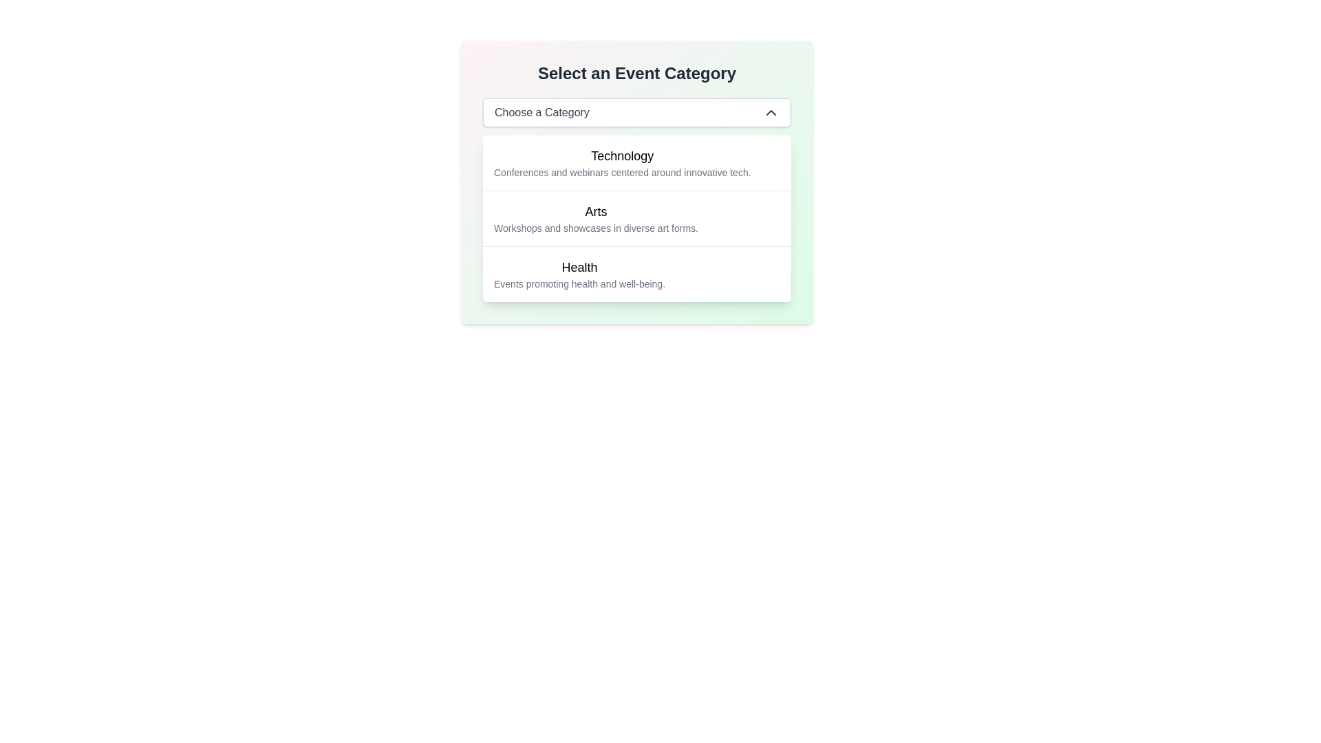 This screenshot has height=743, width=1321. I want to click on keyboard navigation, so click(621, 162).